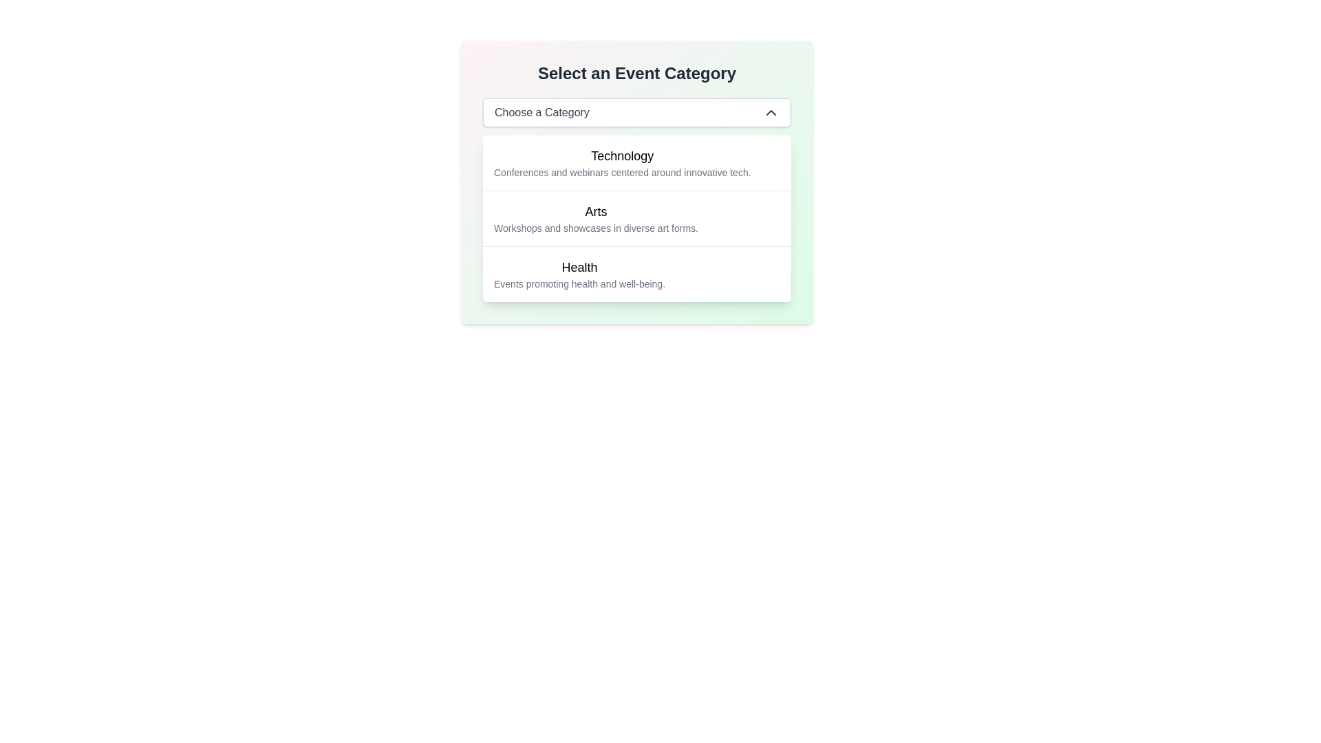 This screenshot has height=743, width=1321. I want to click on keyboard navigation, so click(621, 162).